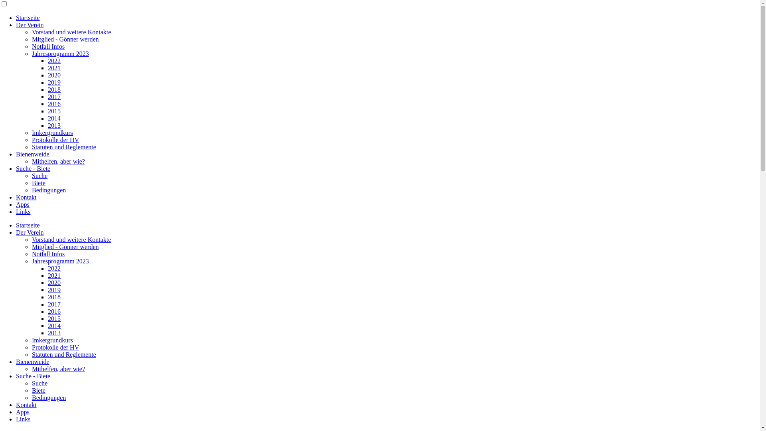  I want to click on 'Suche - Biete', so click(32, 376).